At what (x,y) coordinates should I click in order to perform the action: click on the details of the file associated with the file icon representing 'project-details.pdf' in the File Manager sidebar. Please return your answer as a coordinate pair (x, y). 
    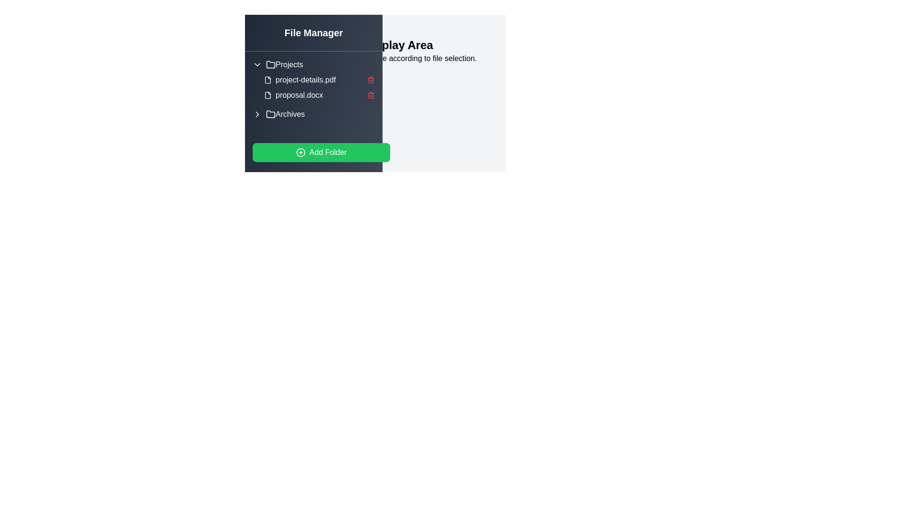
    Looking at the image, I should click on (267, 80).